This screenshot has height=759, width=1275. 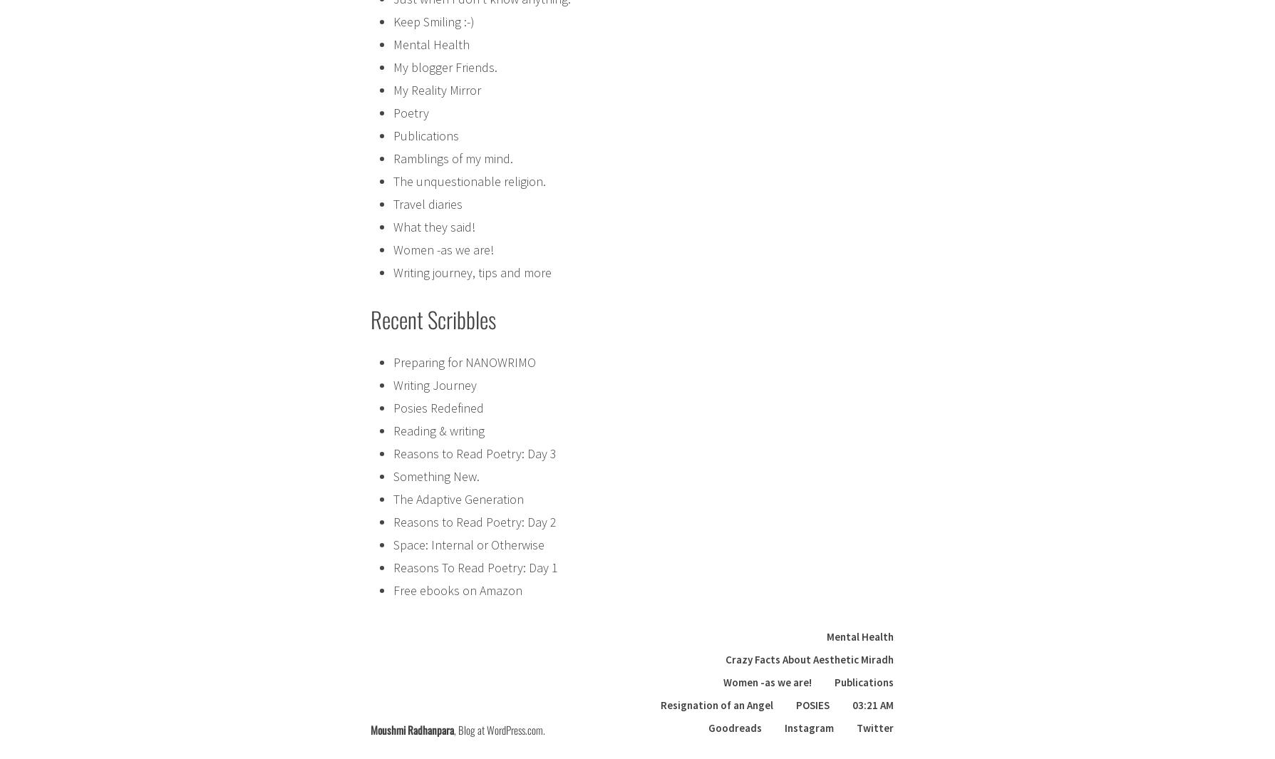 What do you see at coordinates (659, 705) in the screenshot?
I see `'Resignation of an Angel'` at bounding box center [659, 705].